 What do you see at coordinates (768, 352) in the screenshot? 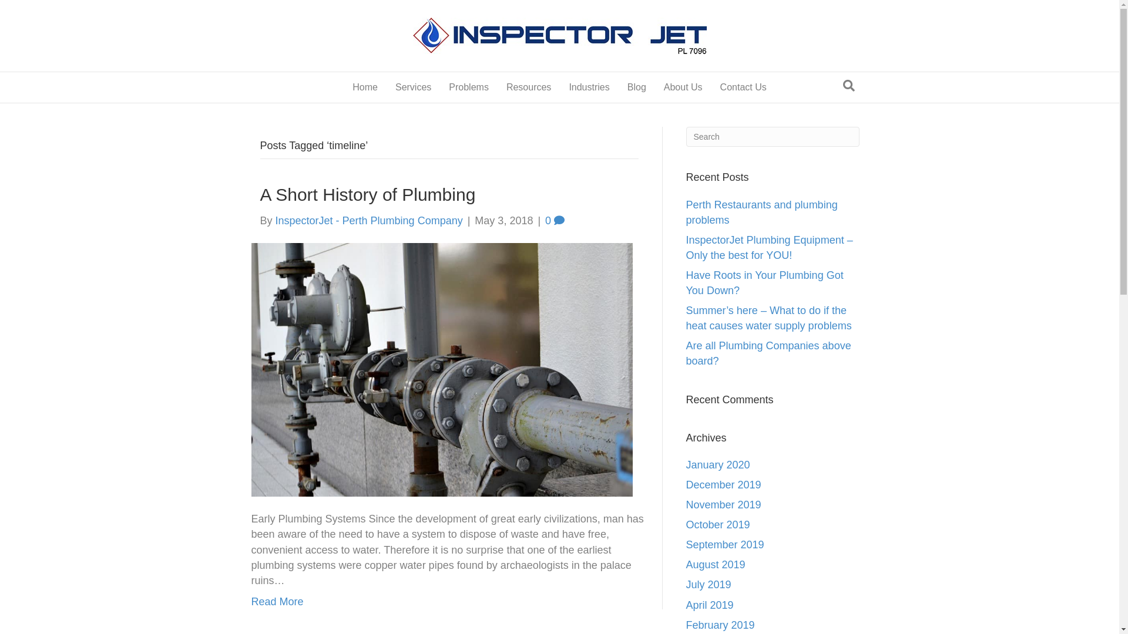
I see `'Are all Plumbing Companies above board?'` at bounding box center [768, 352].